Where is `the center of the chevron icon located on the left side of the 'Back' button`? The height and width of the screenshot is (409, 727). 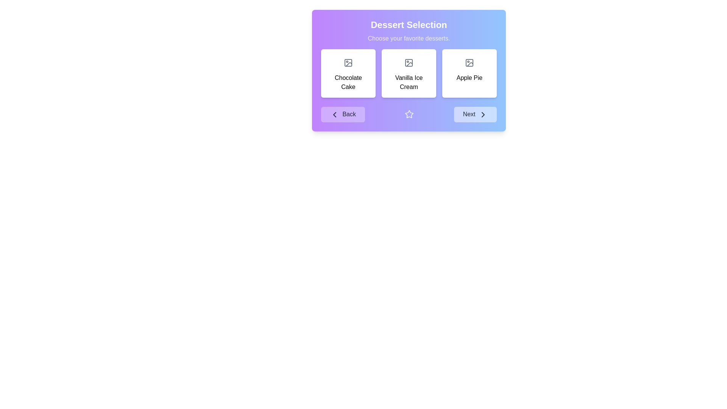
the center of the chevron icon located on the left side of the 'Back' button is located at coordinates (334, 114).